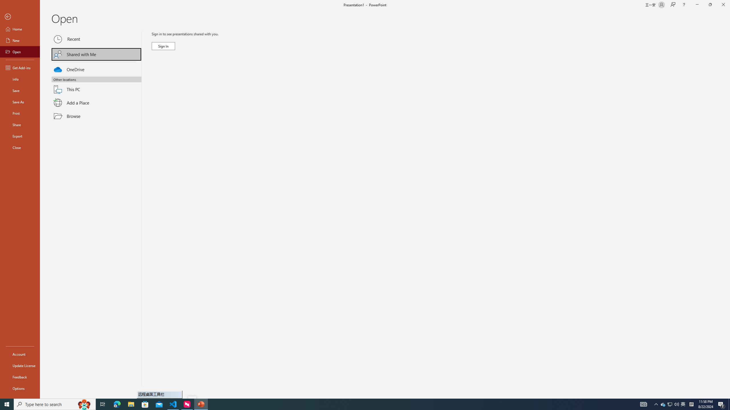 Image resolution: width=730 pixels, height=410 pixels. What do you see at coordinates (20, 67) in the screenshot?
I see `'Get Add-ins'` at bounding box center [20, 67].